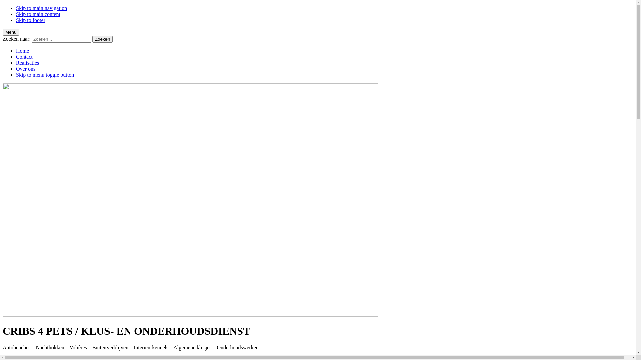  I want to click on 'Menu', so click(3, 32).